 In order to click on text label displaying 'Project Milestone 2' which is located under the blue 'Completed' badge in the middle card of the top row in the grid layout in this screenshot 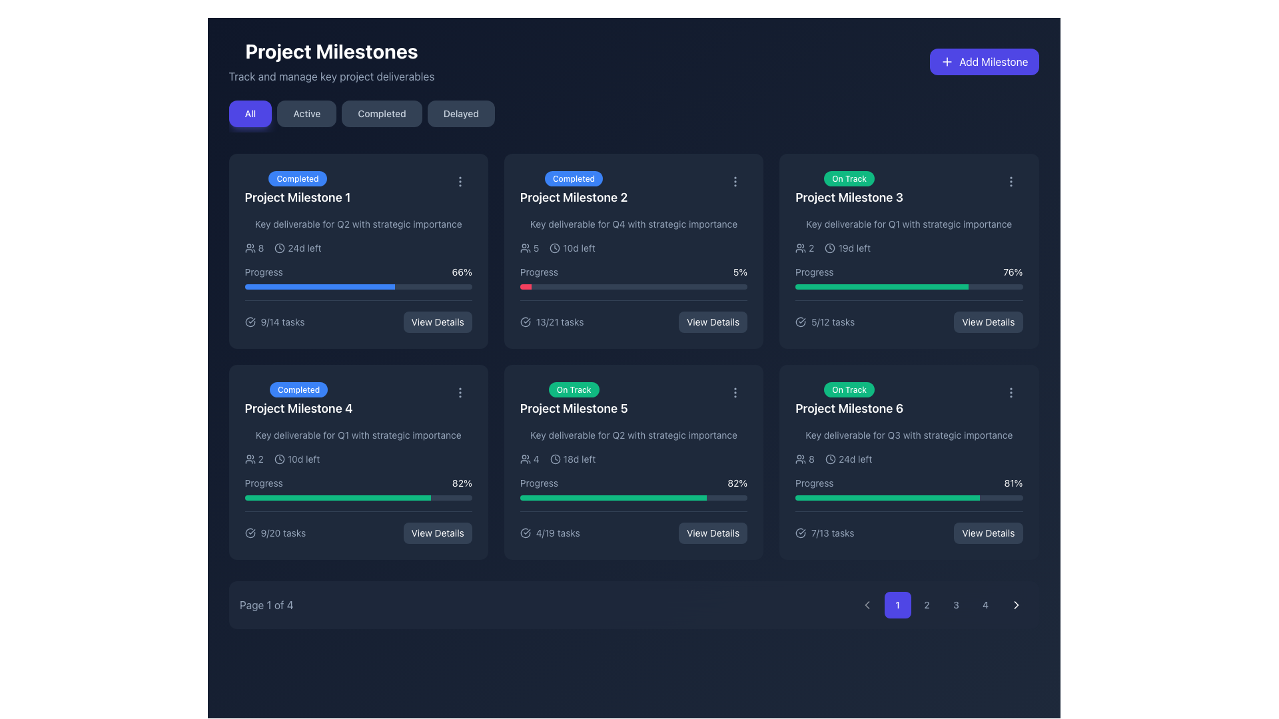, I will do `click(574, 198)`.